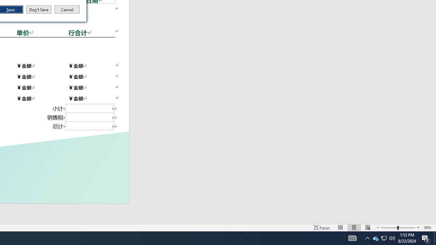 This screenshot has width=436, height=245. Describe the element at coordinates (389, 228) in the screenshot. I see `'Zoom'` at that location.